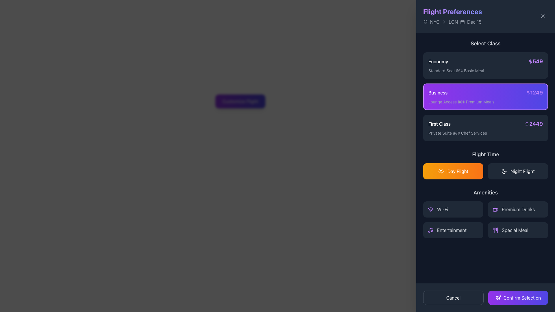 The width and height of the screenshot is (555, 312). Describe the element at coordinates (444, 22) in the screenshot. I see `the right arrow icon, which is a minimalist outline arrow indicating navigation from 'NYC' to 'LON', located at the center-right of the interface` at that location.